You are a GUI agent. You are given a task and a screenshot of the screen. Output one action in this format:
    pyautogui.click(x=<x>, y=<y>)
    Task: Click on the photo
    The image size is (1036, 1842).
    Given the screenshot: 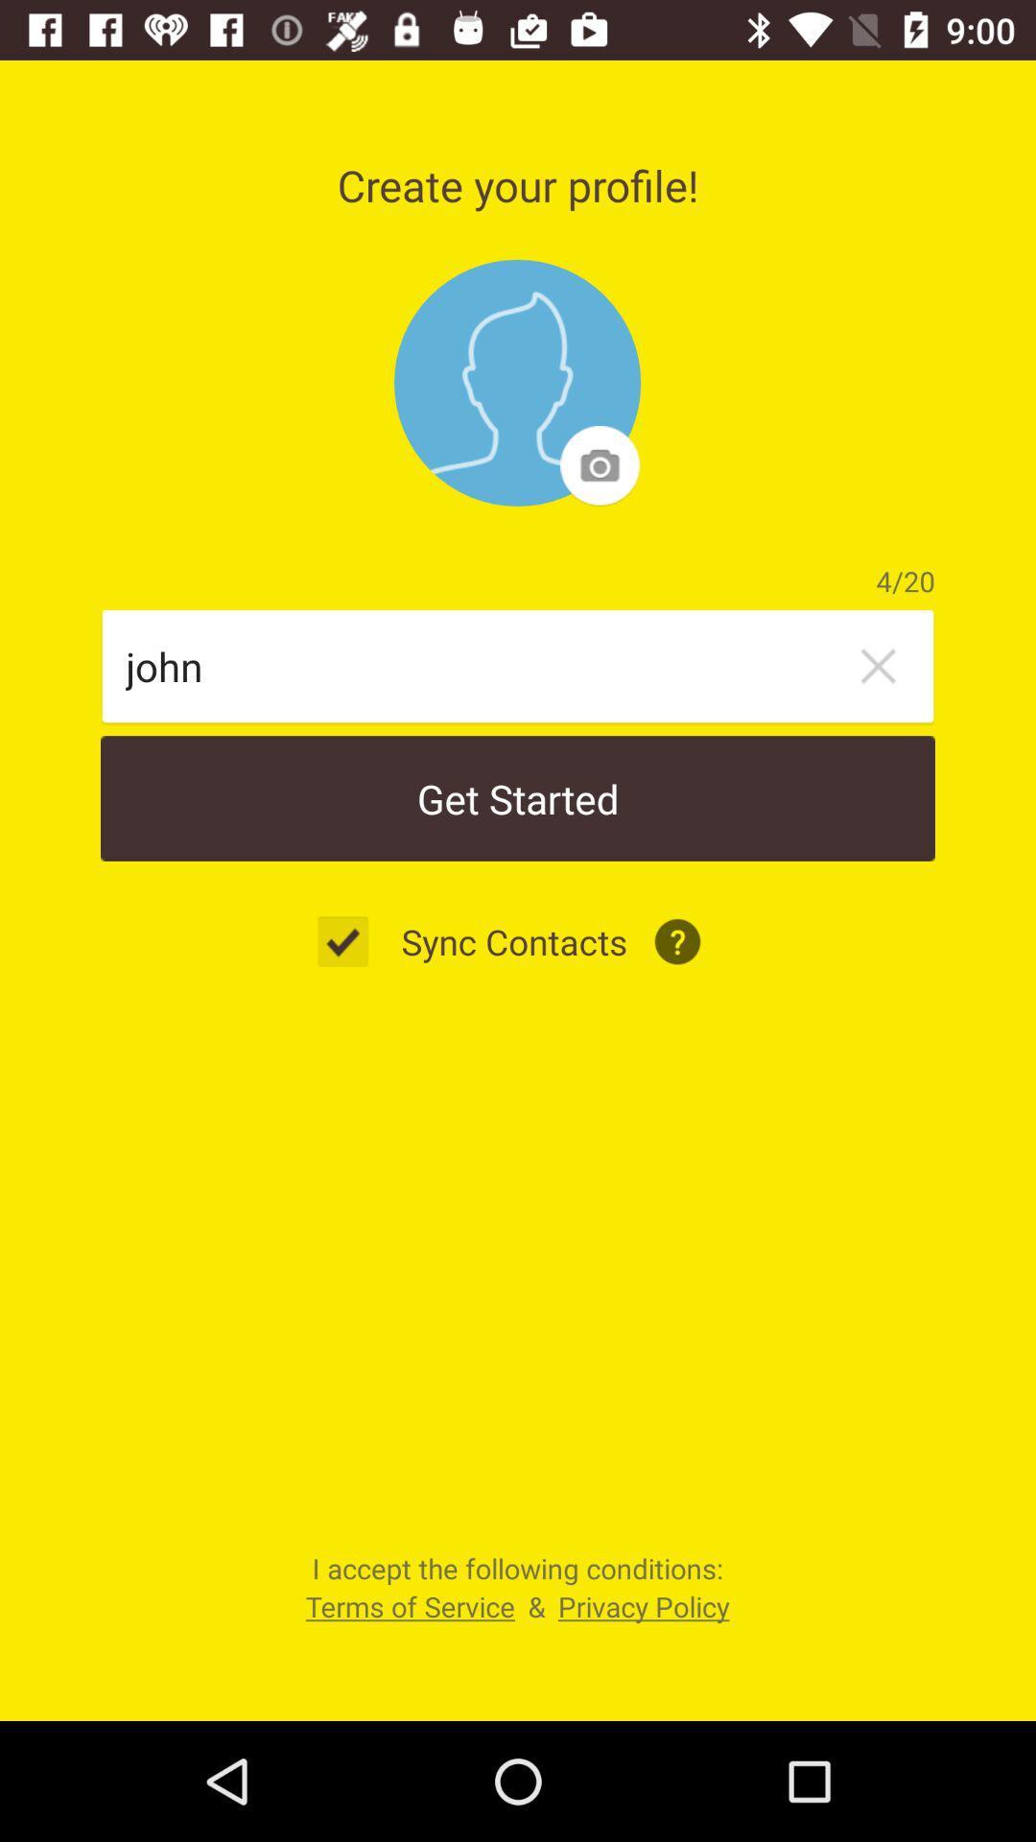 What is the action you would take?
    pyautogui.click(x=516, y=383)
    